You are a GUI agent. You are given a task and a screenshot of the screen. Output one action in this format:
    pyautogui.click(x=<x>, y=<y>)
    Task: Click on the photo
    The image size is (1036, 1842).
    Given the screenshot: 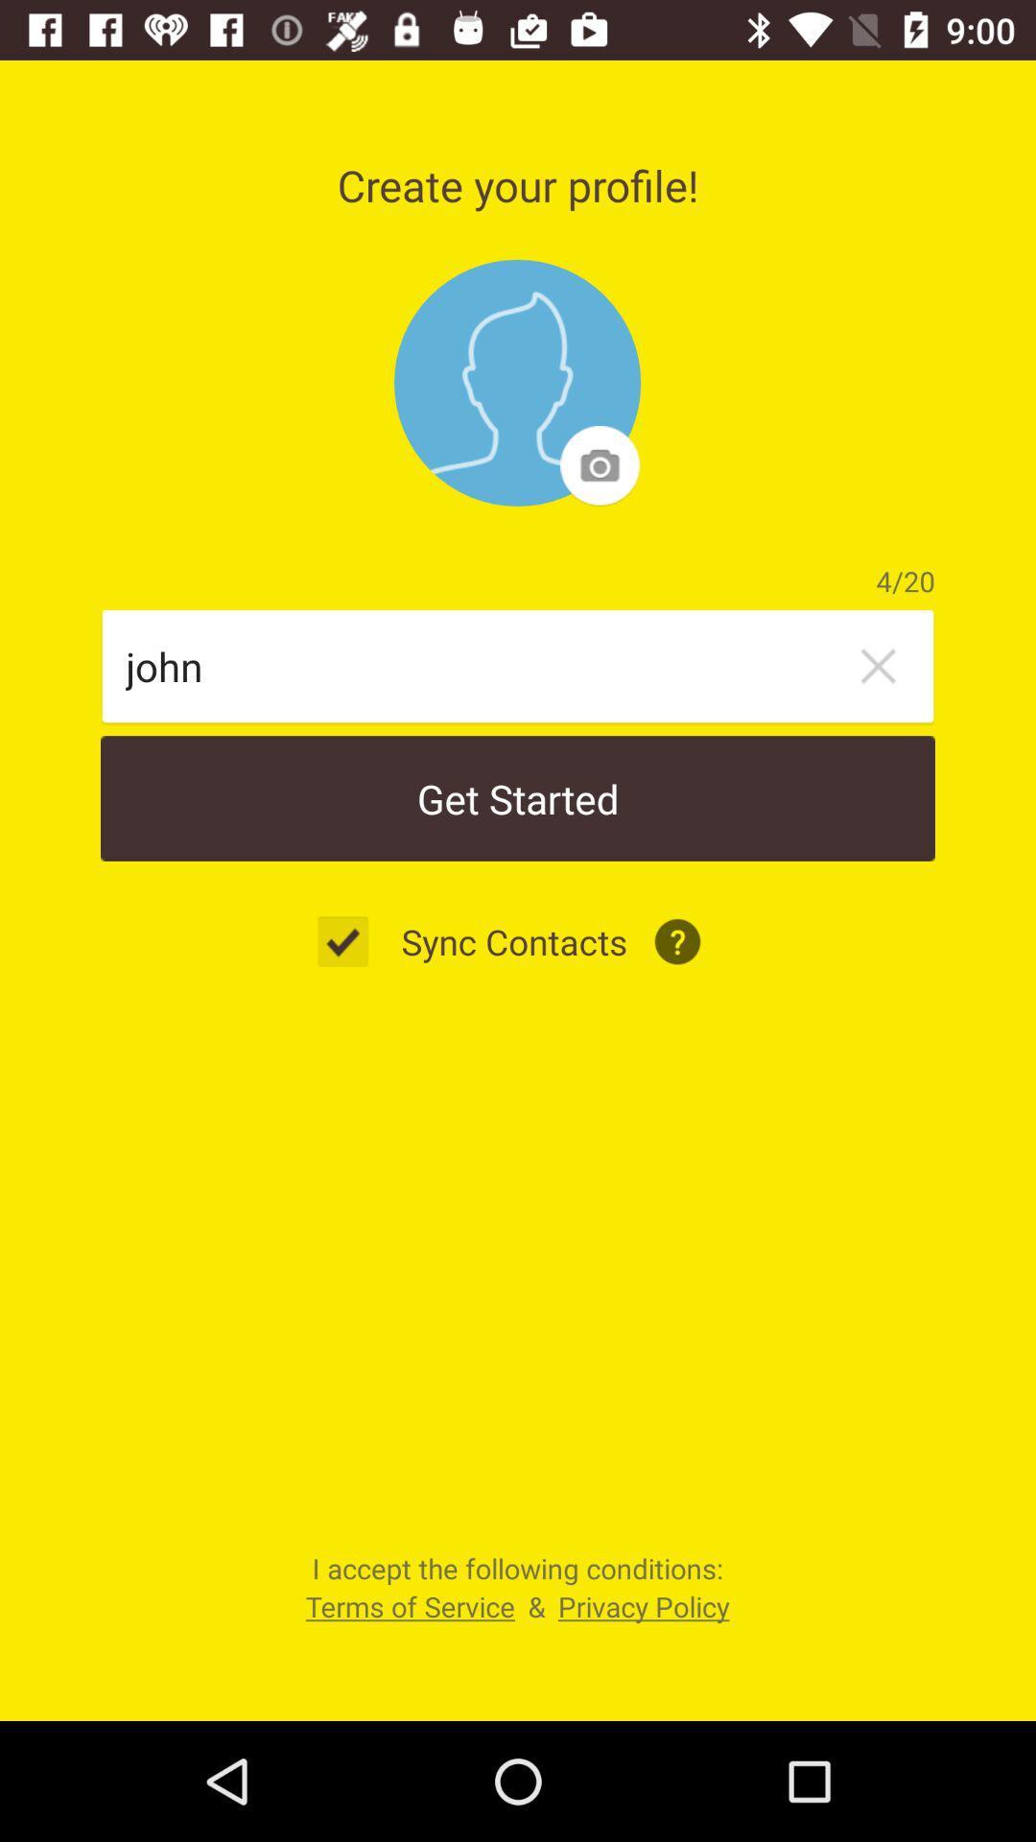 What is the action you would take?
    pyautogui.click(x=516, y=383)
    